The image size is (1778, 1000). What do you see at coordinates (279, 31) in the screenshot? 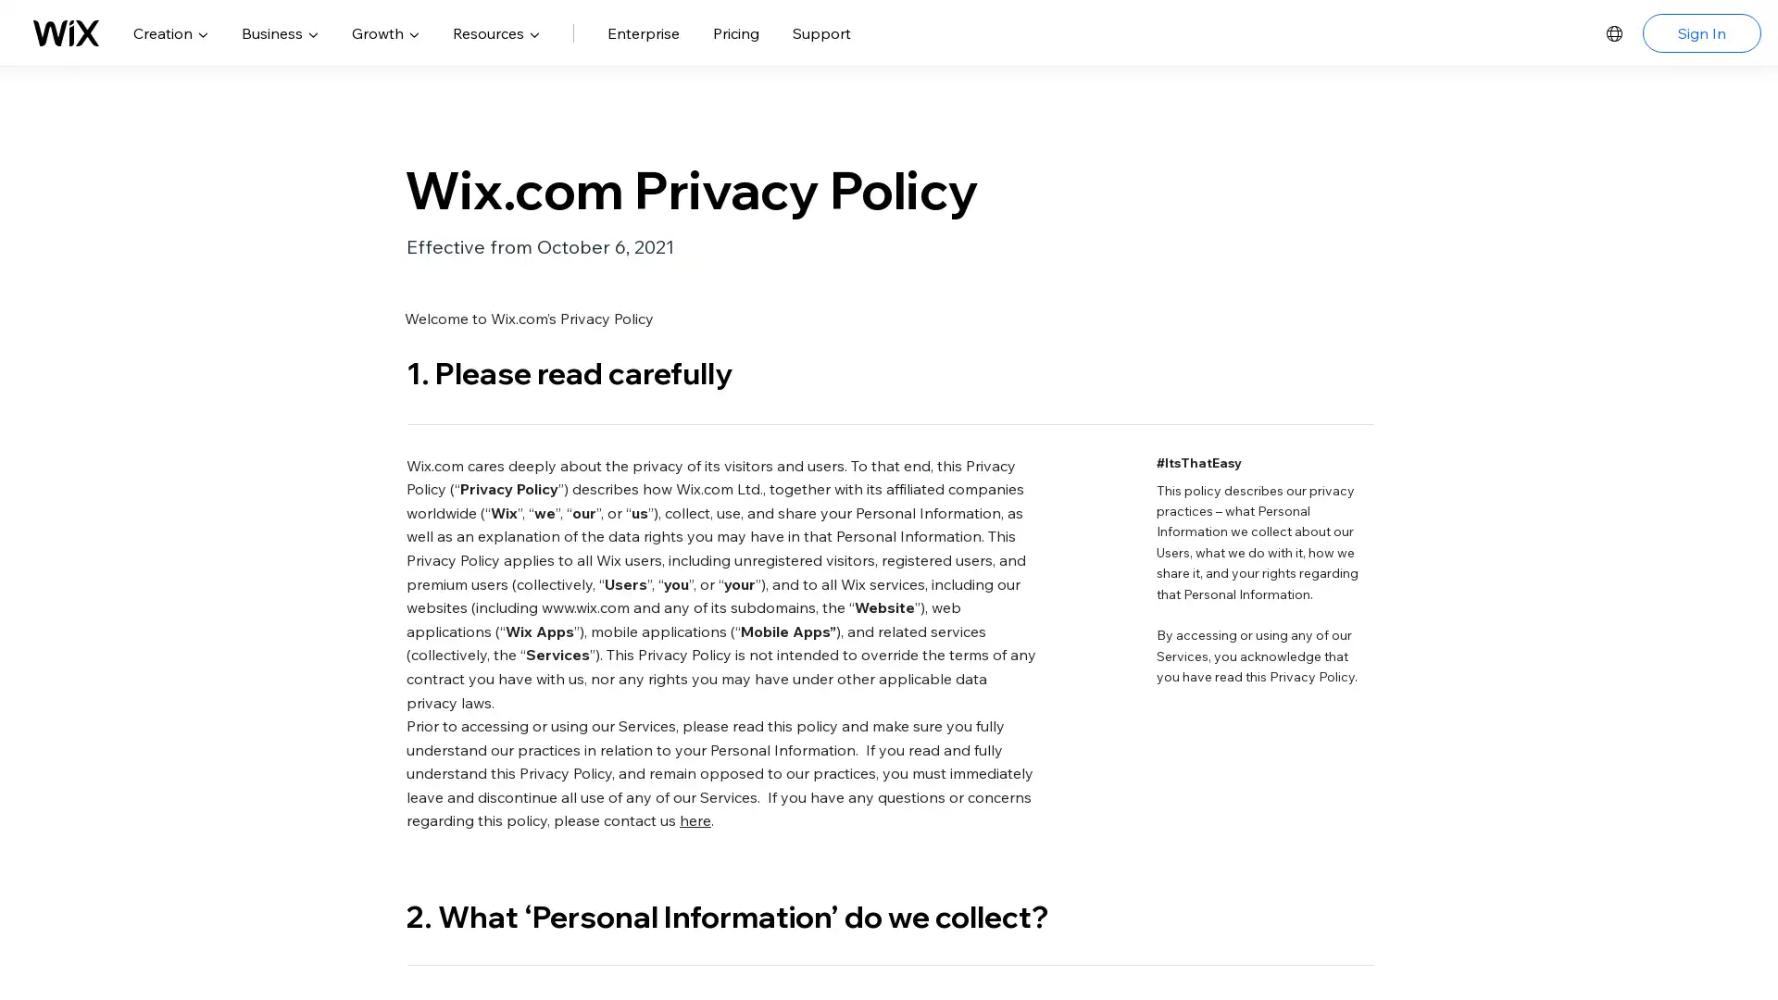
I see `Business` at bounding box center [279, 31].